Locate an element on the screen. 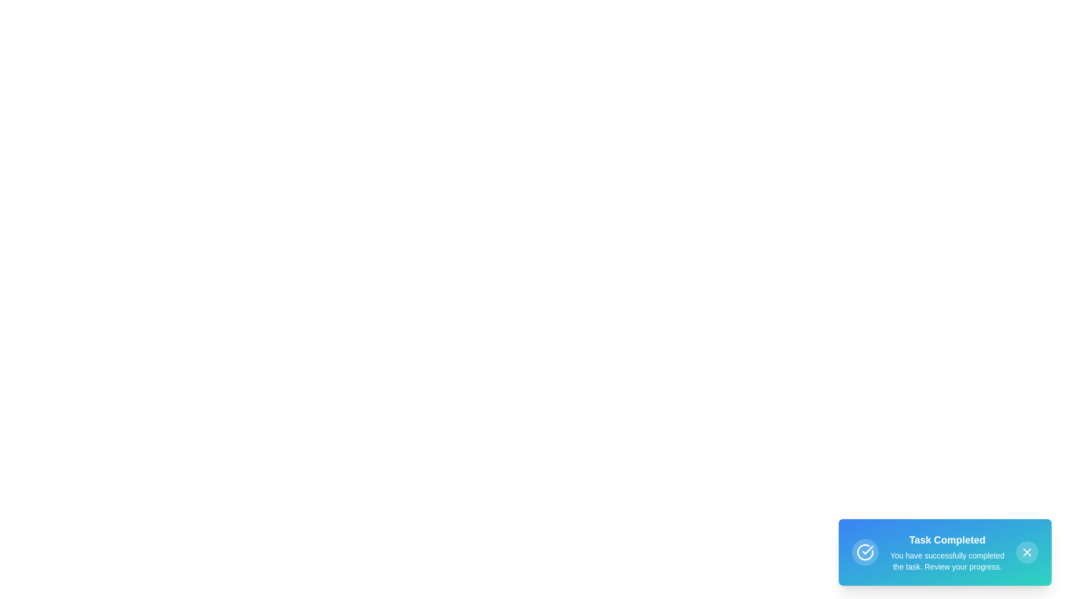 The height and width of the screenshot is (599, 1065). the task completion icon located in the bottom-right notification box, which is situated to the left of the title 'Task Completed.' is located at coordinates (865, 552).